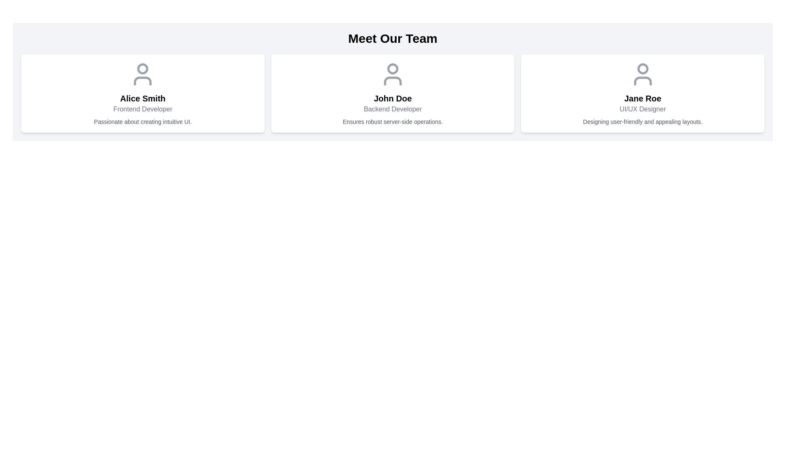  I want to click on the circular SVG shape with a gray outline and white fill, located at the top of Alice Smith's profile card, so click(143, 68).